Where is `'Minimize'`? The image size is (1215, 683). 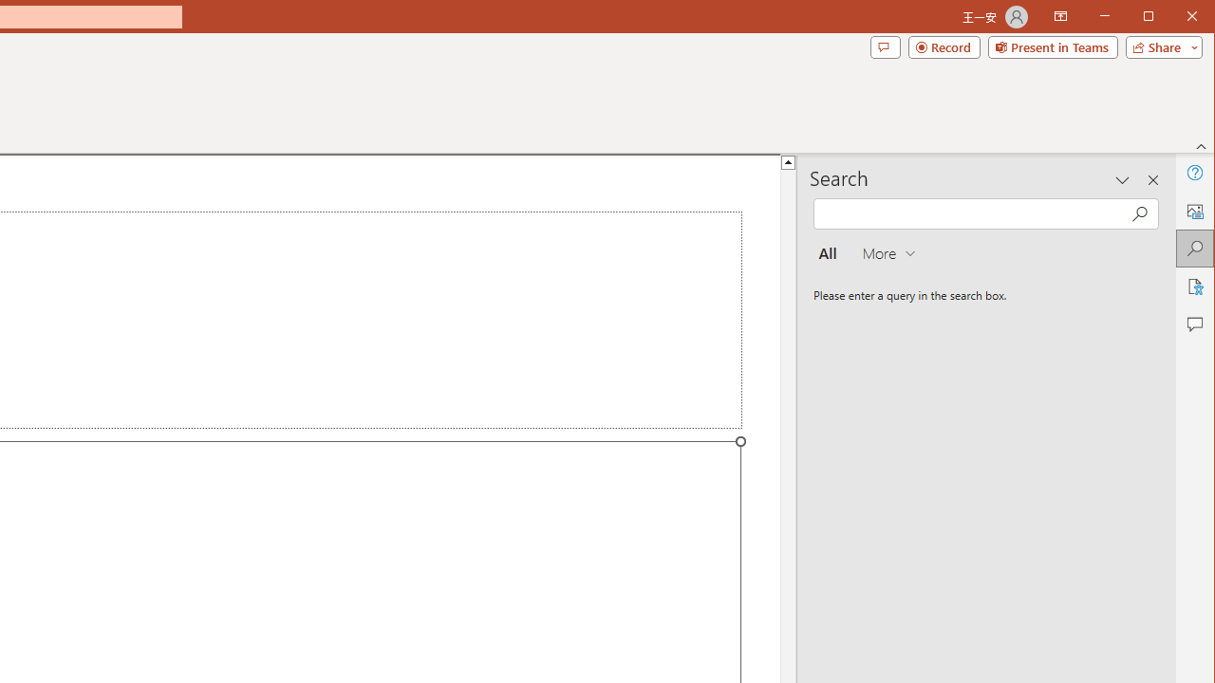 'Minimize' is located at coordinates (1153, 18).